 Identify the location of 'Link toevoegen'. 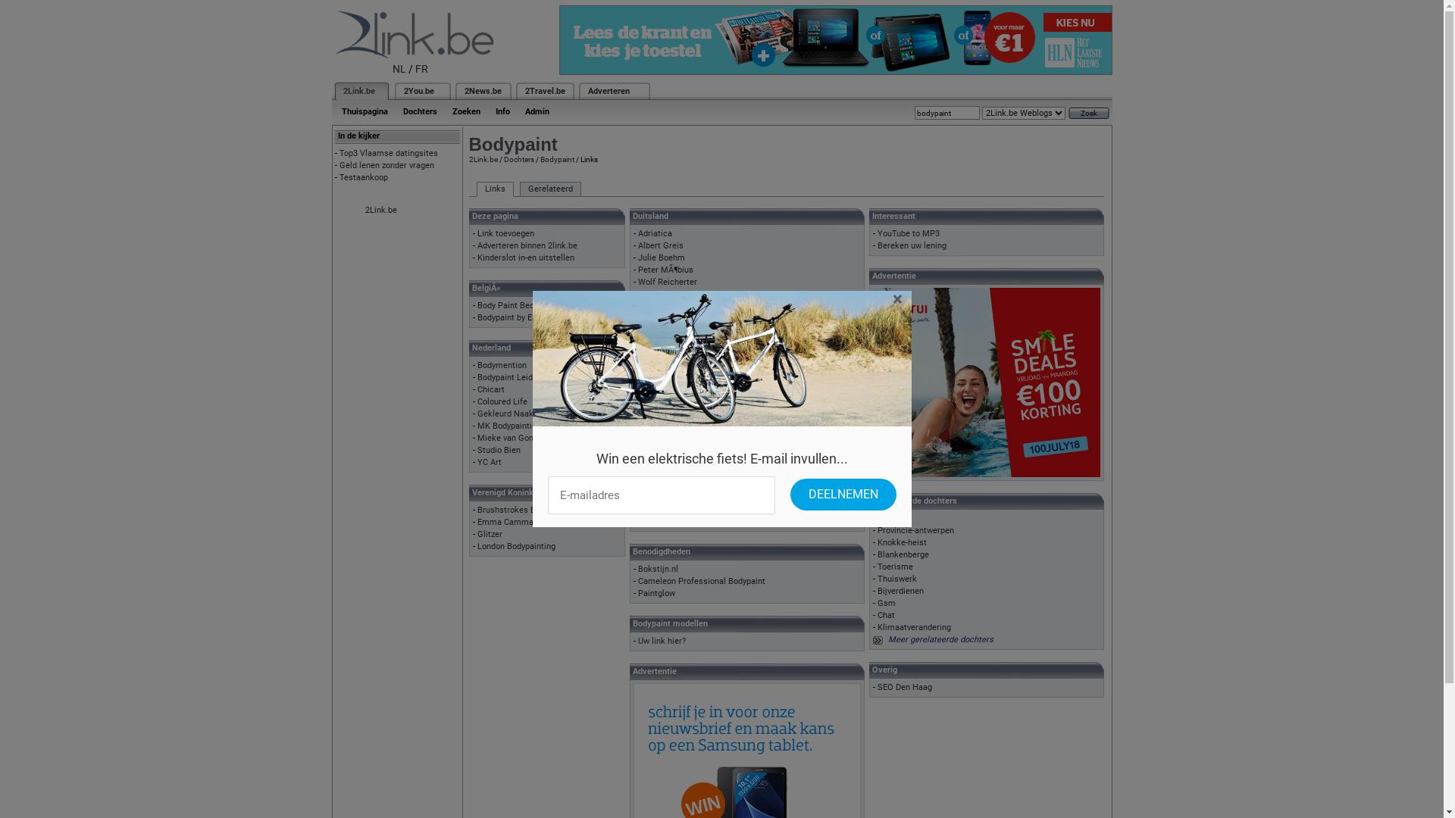
(505, 233).